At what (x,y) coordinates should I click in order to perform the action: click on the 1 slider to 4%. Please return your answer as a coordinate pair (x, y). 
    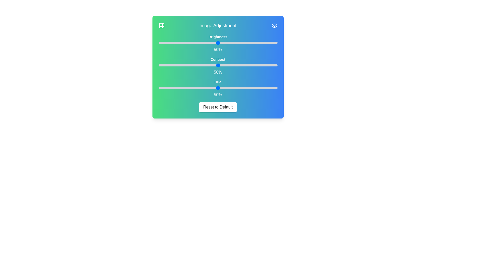
    Looking at the image, I should click on (222, 65).